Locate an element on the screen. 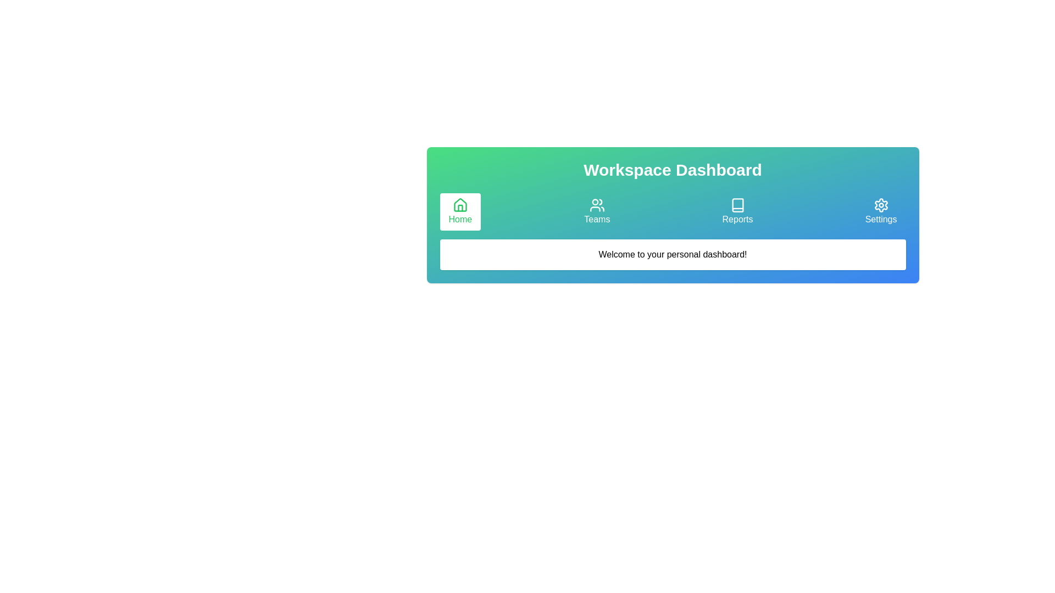 This screenshot has width=1055, height=593. the house icon in the upper navigation bar is located at coordinates (460, 205).